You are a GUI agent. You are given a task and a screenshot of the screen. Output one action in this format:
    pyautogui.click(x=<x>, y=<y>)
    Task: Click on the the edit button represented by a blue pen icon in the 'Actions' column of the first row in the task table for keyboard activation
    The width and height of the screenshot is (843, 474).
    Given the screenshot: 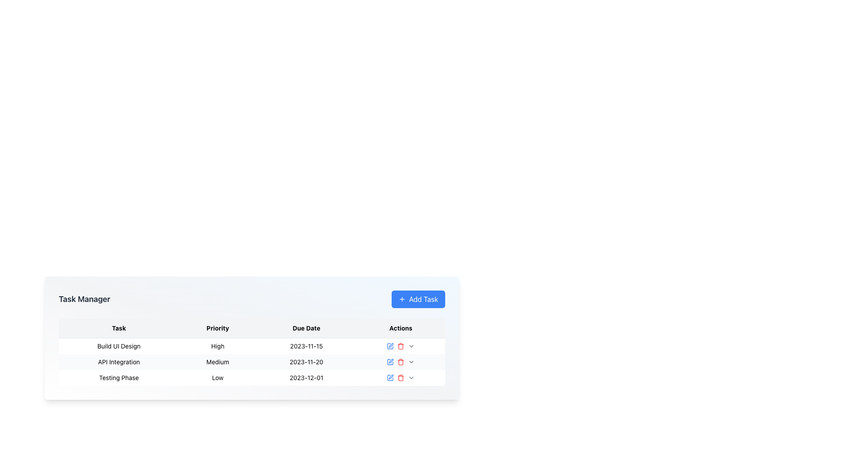 What is the action you would take?
    pyautogui.click(x=390, y=346)
    